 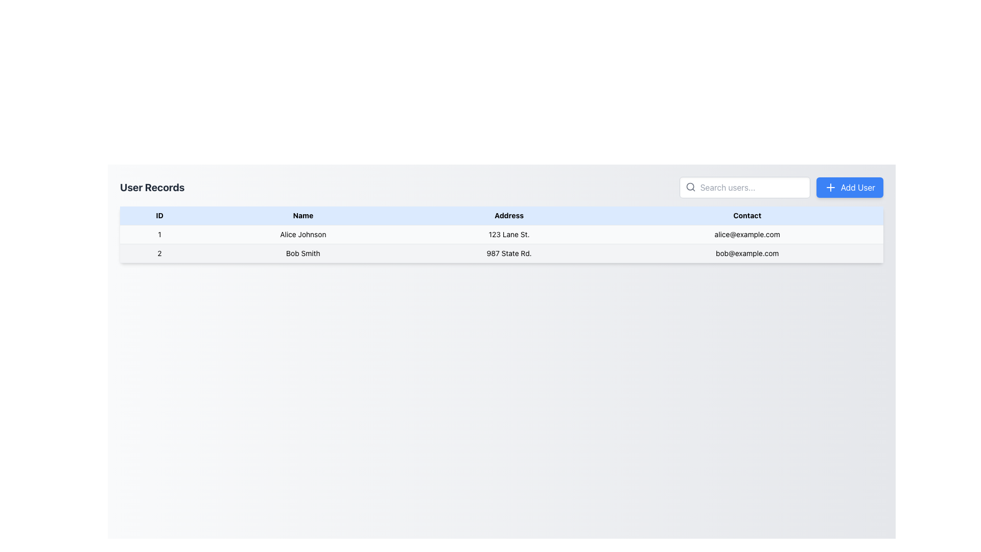 I want to click on the text label displaying 'Bob Smith', which is located in the second row and second column of the table, positioned below 'Alice Johnson', so click(x=302, y=253).